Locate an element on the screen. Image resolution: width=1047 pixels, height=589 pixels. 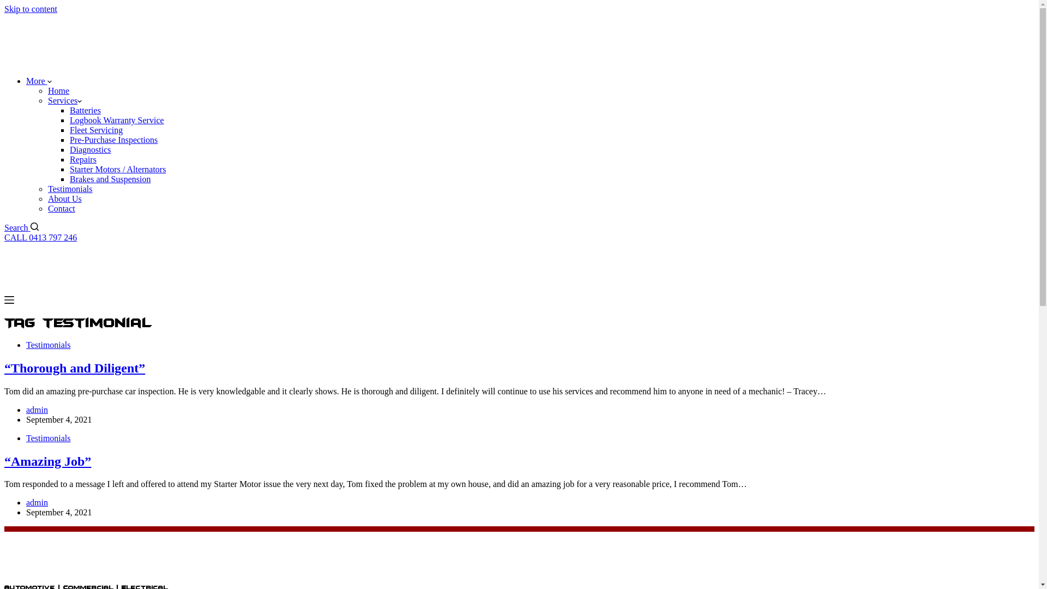
'Fleet Servicing' is located at coordinates (96, 129).